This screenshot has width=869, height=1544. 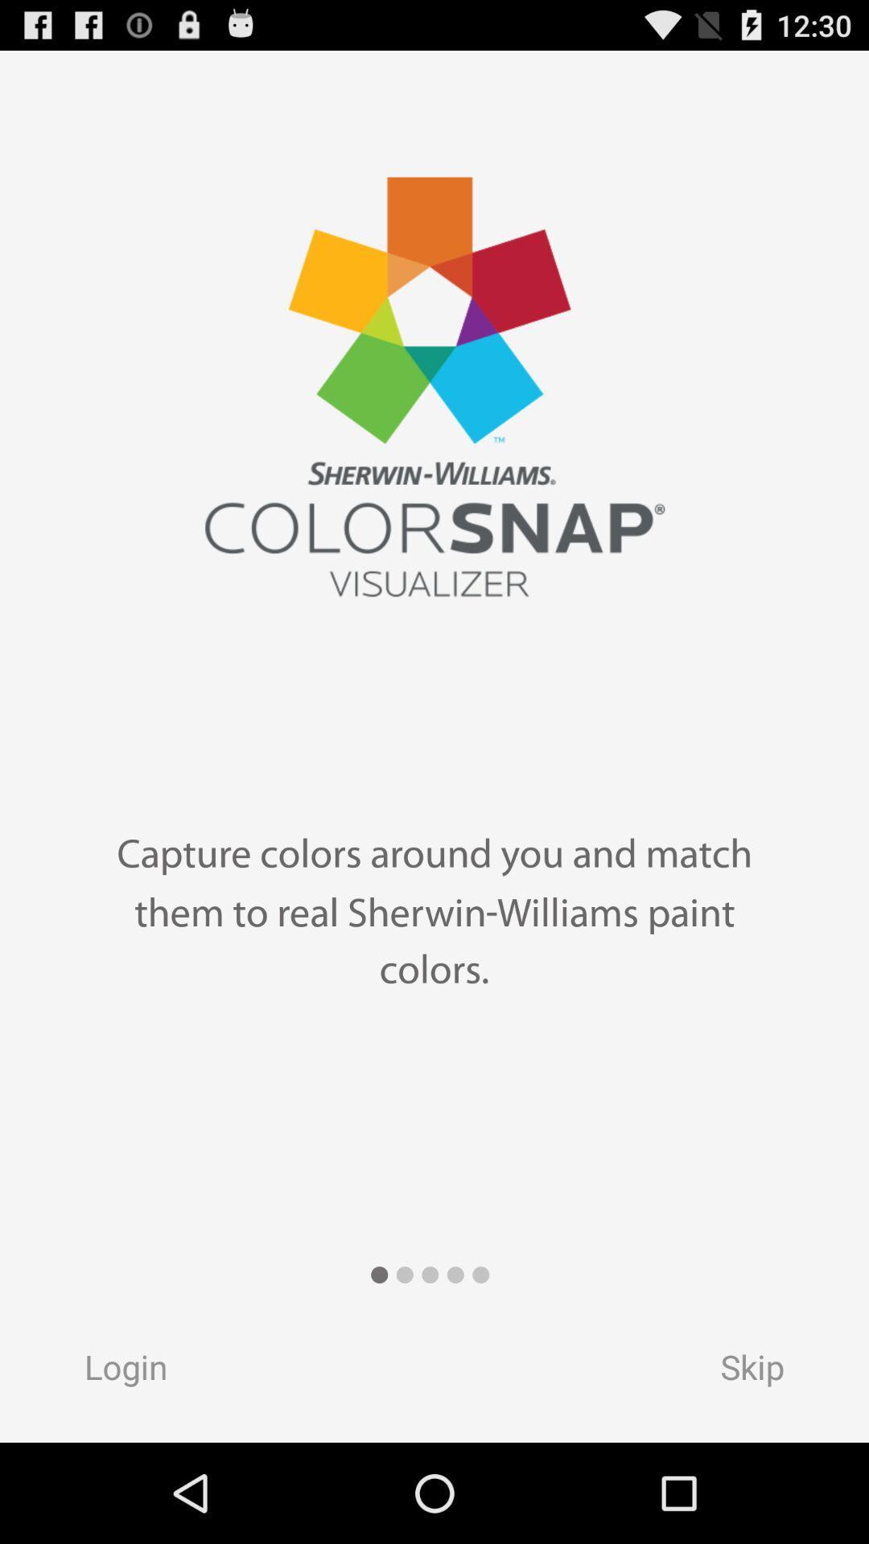 I want to click on the skip button, so click(x=767, y=1371).